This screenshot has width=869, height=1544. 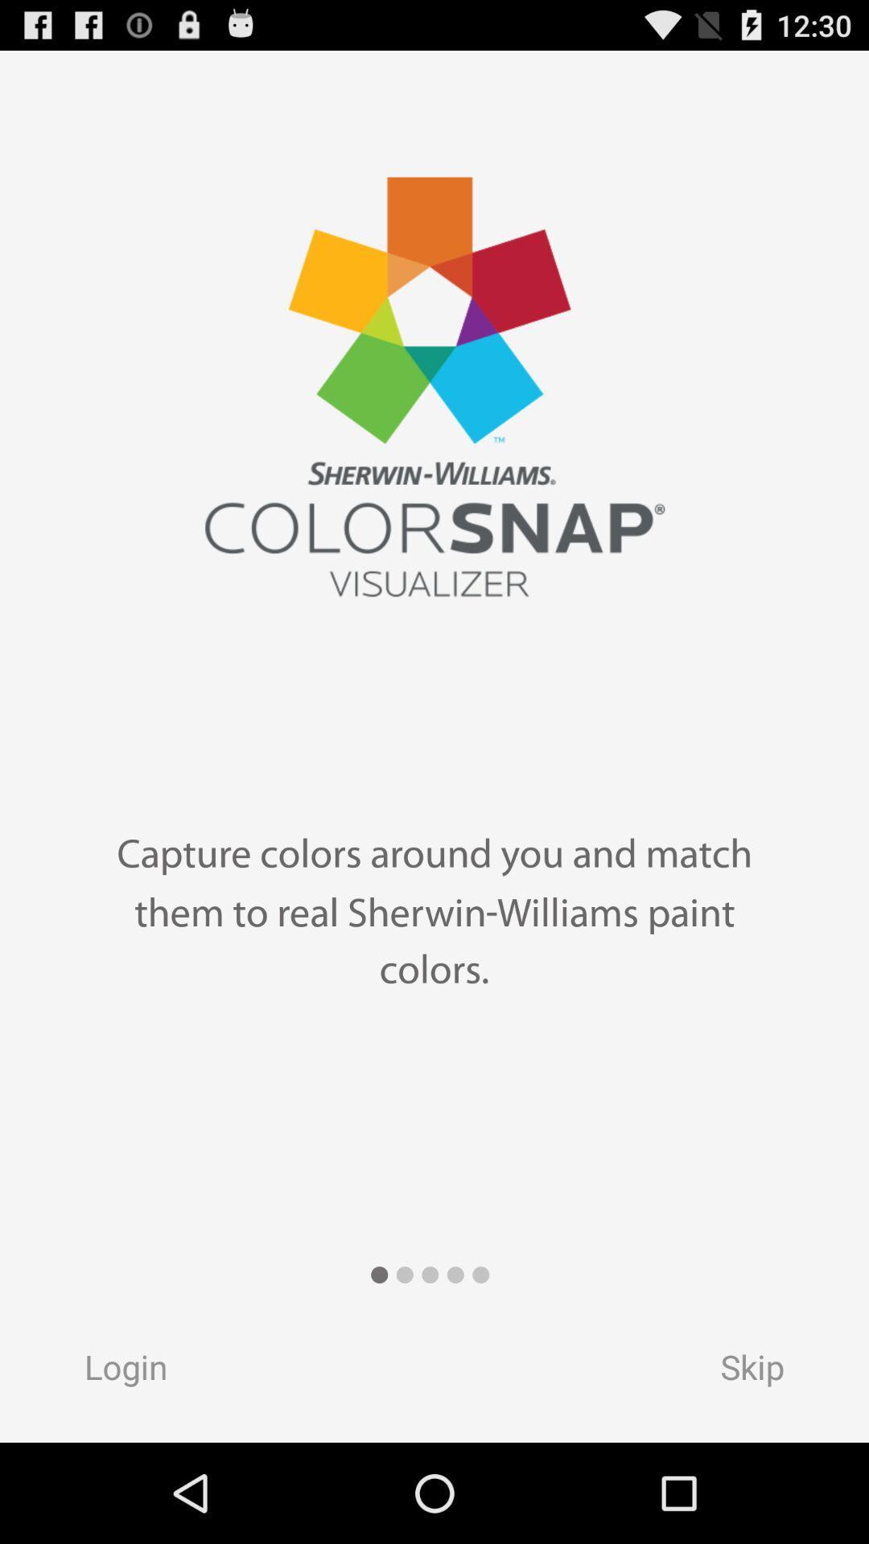 I want to click on the skip button, so click(x=767, y=1371).